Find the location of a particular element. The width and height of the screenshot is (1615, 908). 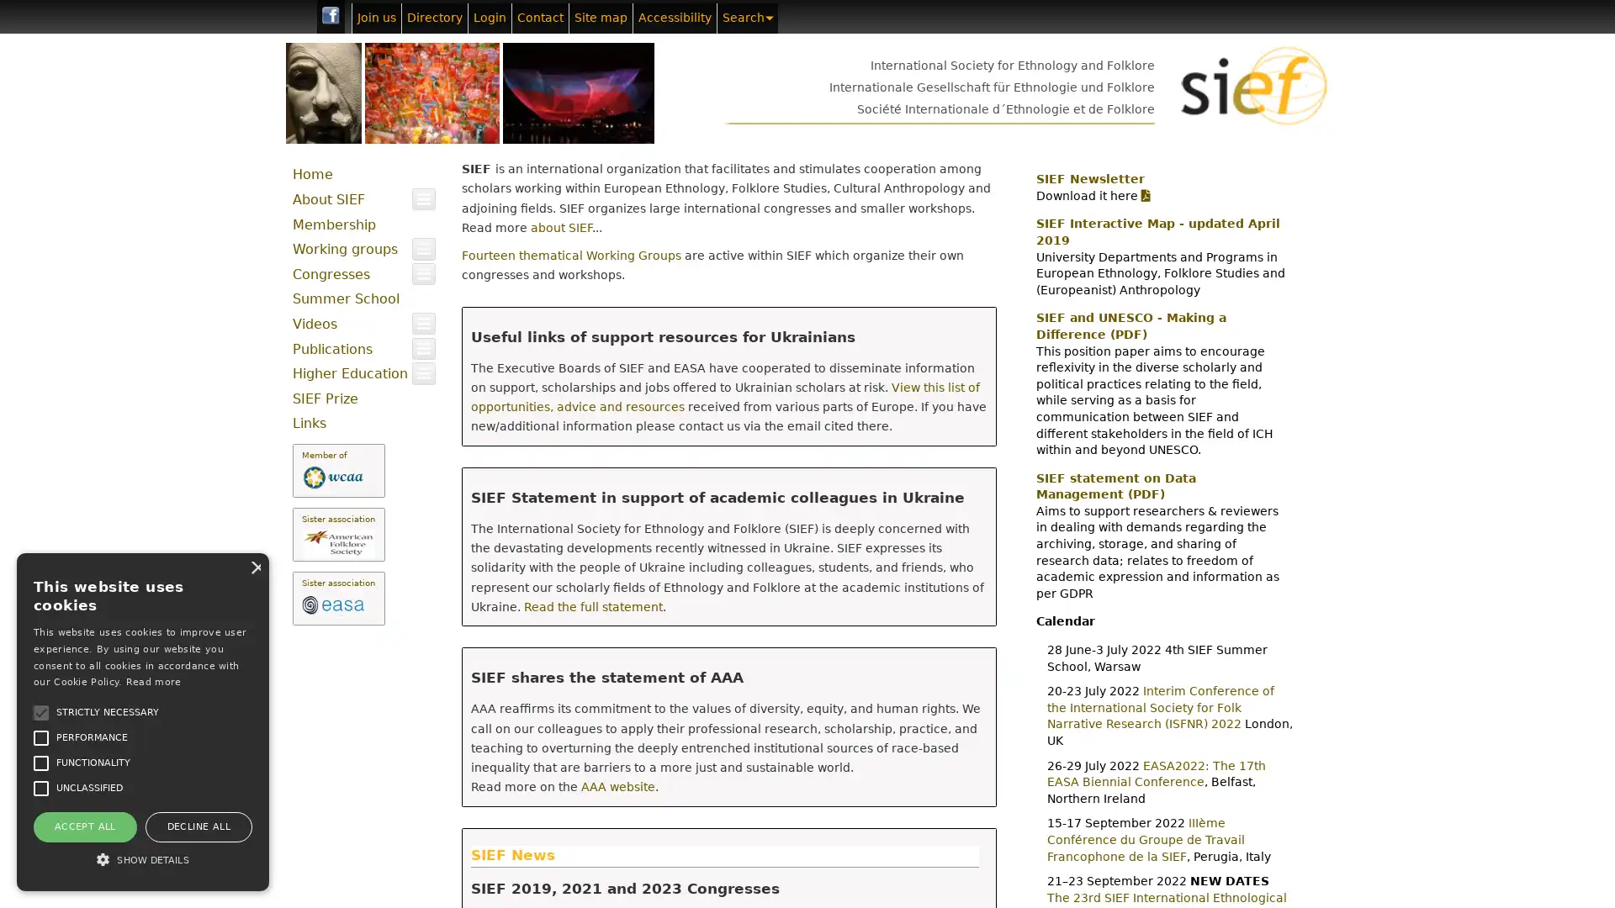

DECLINE ALL is located at coordinates (198, 826).